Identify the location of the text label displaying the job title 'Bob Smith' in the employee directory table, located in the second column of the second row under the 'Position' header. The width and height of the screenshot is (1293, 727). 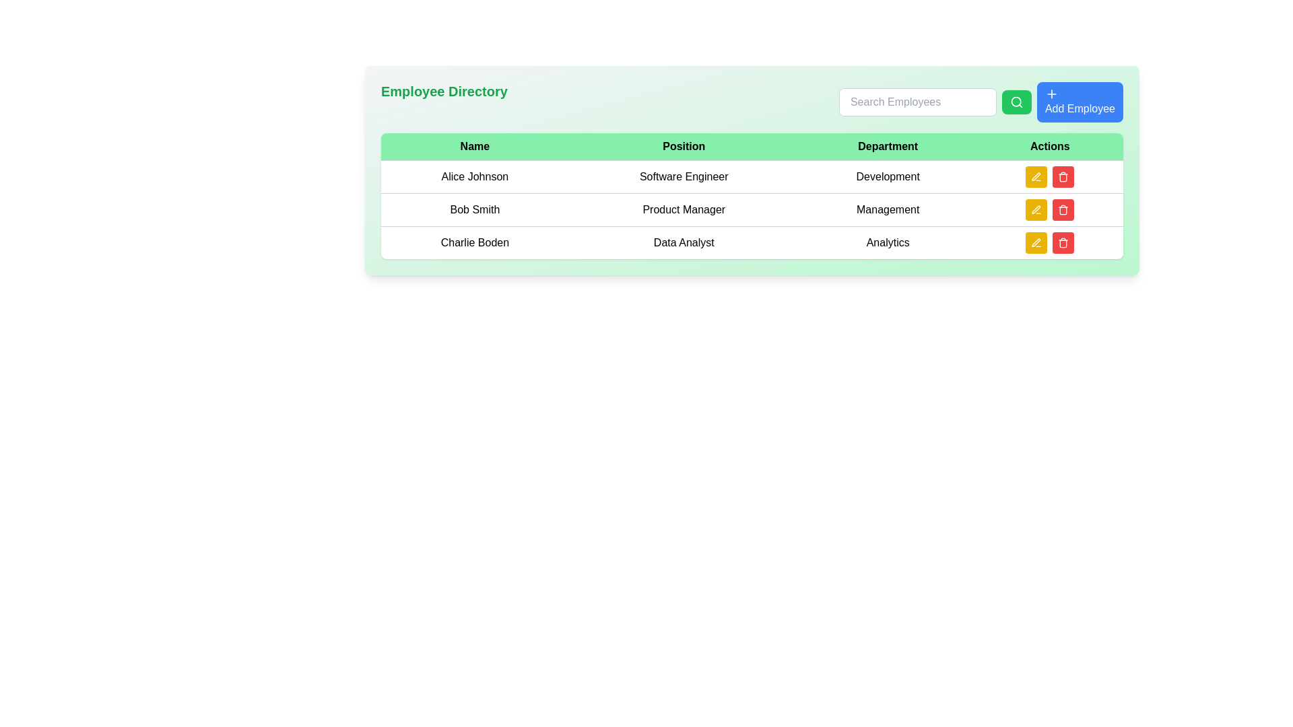
(684, 210).